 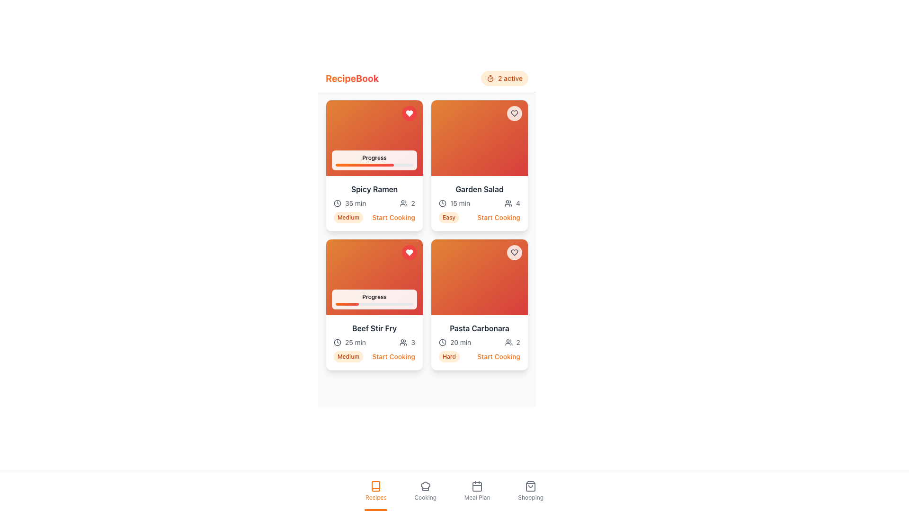 What do you see at coordinates (477, 486) in the screenshot?
I see `the middle icon in the bottom navigation bar` at bounding box center [477, 486].